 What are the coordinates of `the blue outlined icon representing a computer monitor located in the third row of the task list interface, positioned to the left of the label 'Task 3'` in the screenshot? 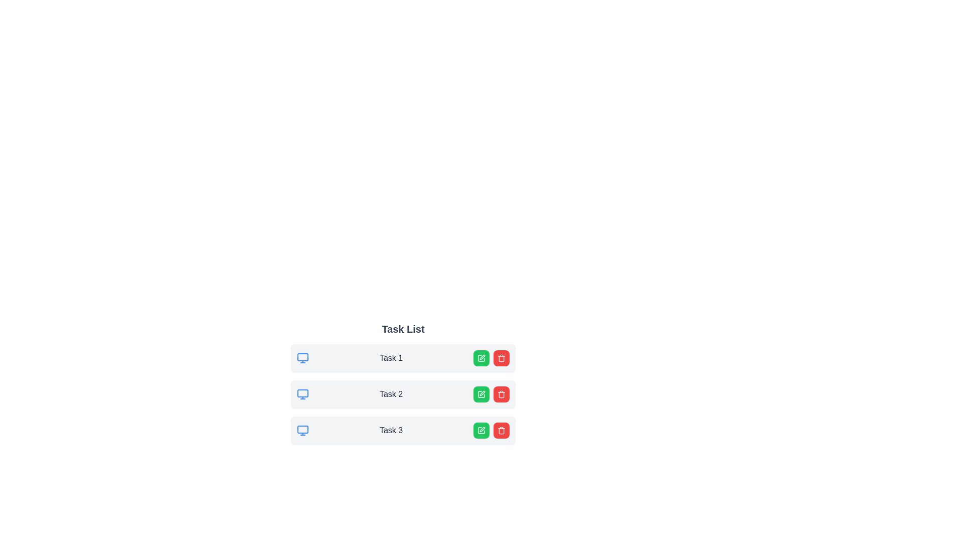 It's located at (302, 430).